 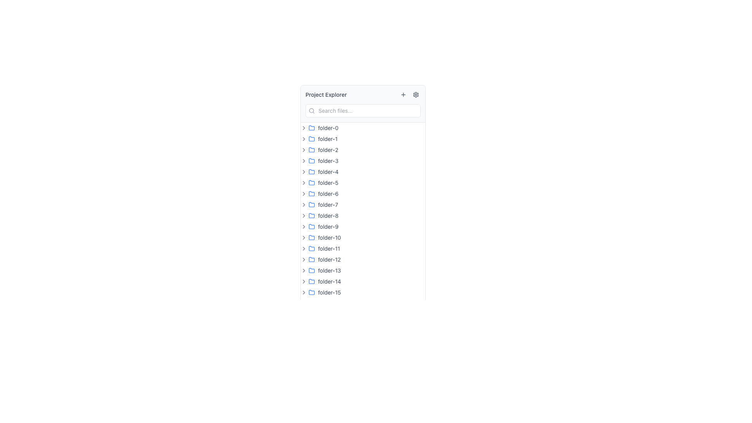 What do you see at coordinates (304, 138) in the screenshot?
I see `the chevron icon on the left side of 'folder-1'` at bounding box center [304, 138].